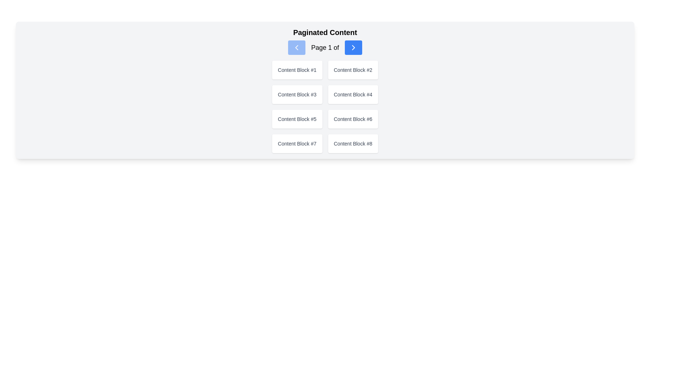 The height and width of the screenshot is (390, 694). Describe the element at coordinates (325, 47) in the screenshot. I see `the static text element displaying 'Page 1 of', which is styled in bold and located centrally within the pagination controls` at that location.